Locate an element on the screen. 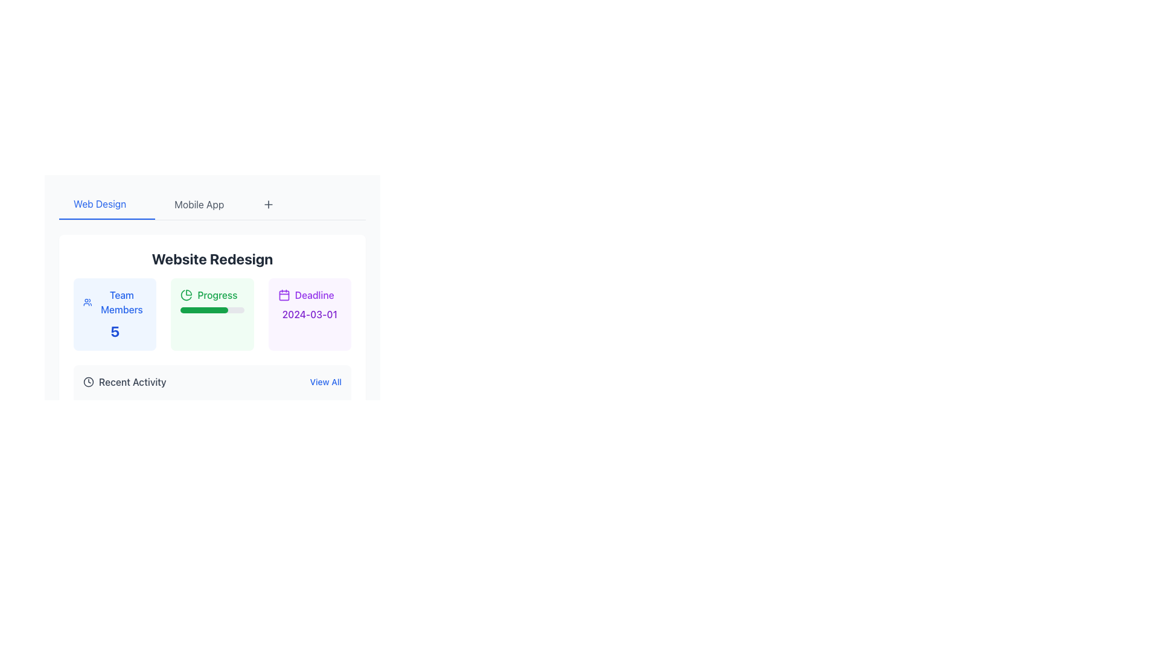 This screenshot has height=652, width=1159. the leftmost Informational card that provides an overview of the number of team members involved in the 'Website Redesign' project is located at coordinates (115, 313).